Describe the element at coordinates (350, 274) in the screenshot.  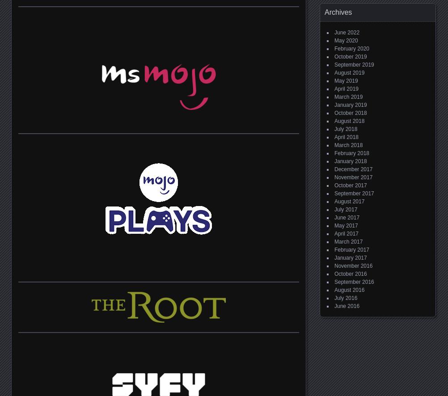
I see `'October 2016'` at that location.